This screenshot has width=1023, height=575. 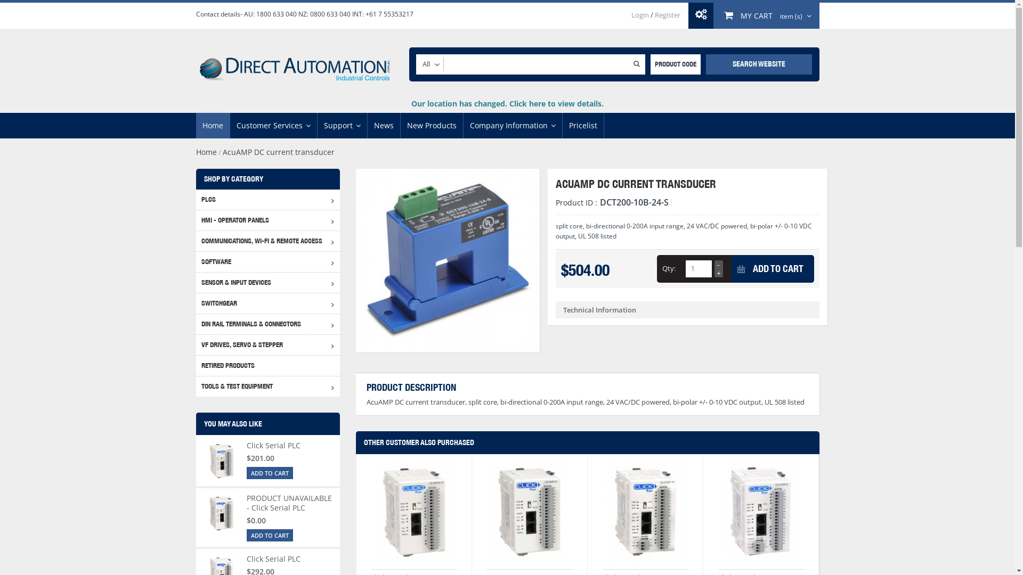 What do you see at coordinates (384, 125) in the screenshot?
I see `'News'` at bounding box center [384, 125].